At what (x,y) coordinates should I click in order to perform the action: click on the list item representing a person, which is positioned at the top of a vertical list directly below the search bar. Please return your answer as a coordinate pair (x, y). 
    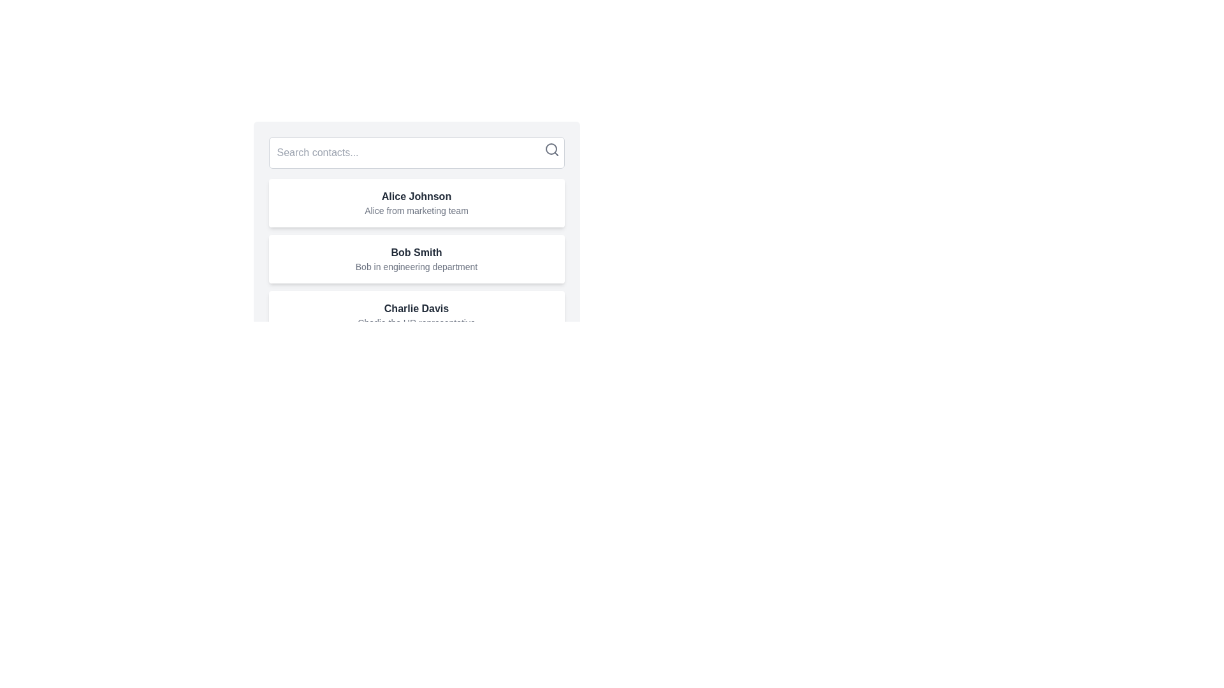
    Looking at the image, I should click on (416, 203).